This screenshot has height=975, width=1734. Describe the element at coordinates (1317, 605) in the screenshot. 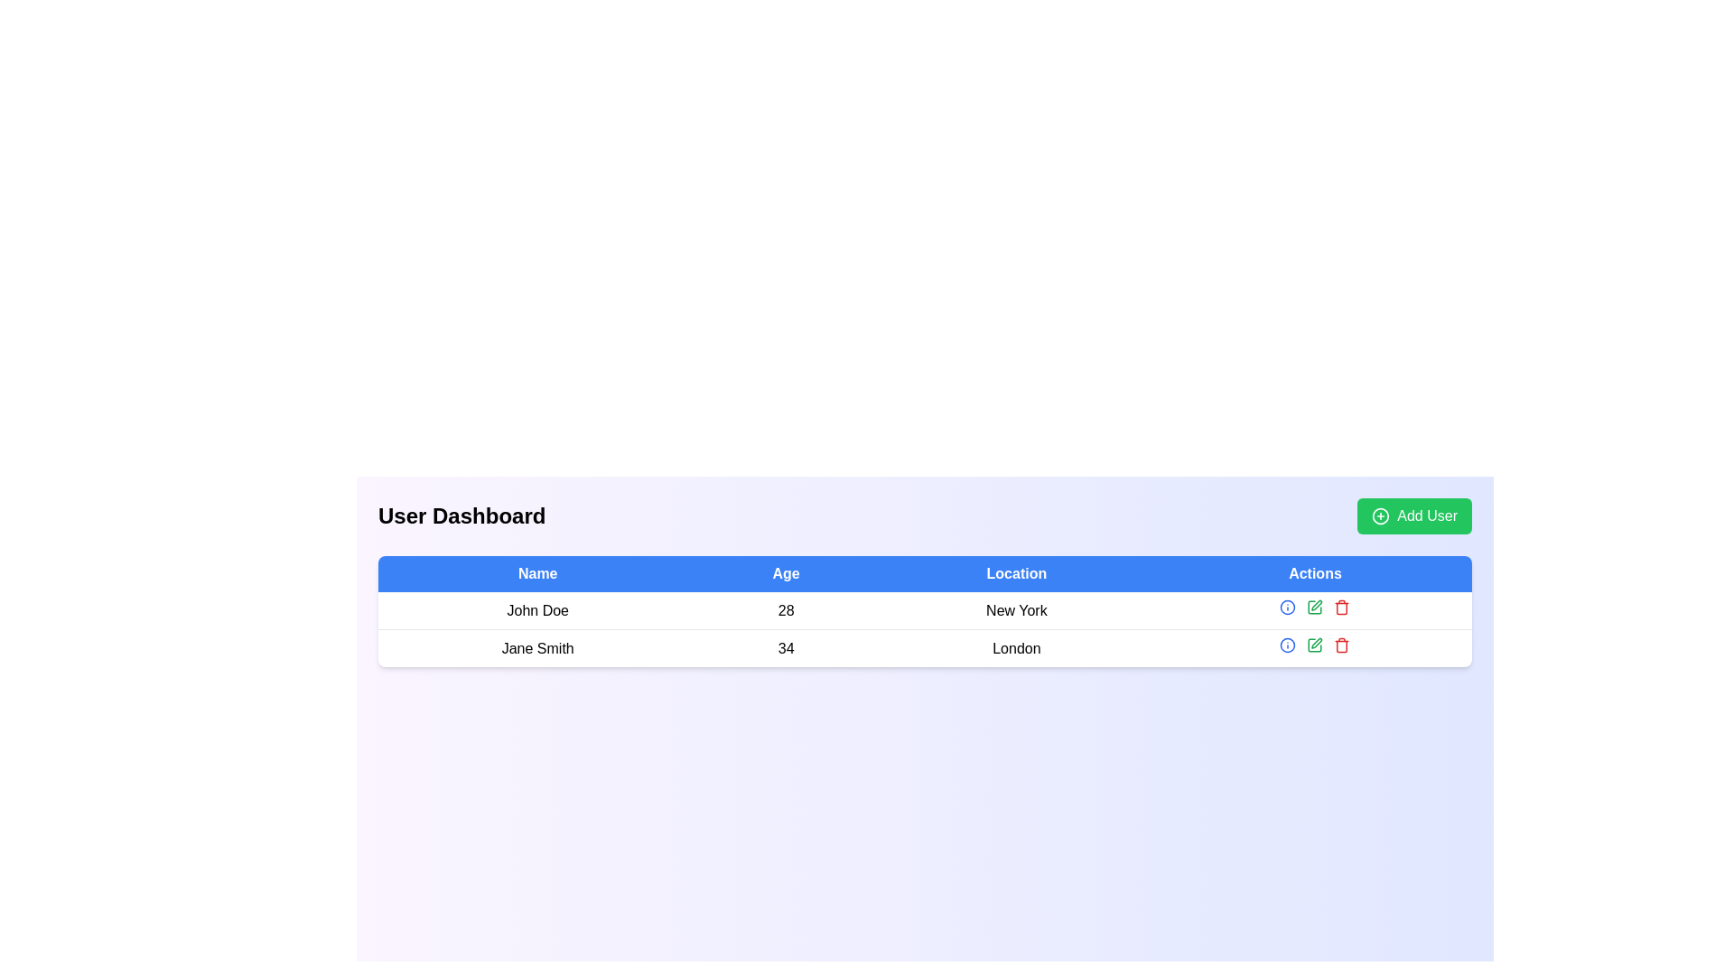

I see `the pen icon located in the second row of the 'Actions' column to initiate editing the user Jane Smith` at that location.